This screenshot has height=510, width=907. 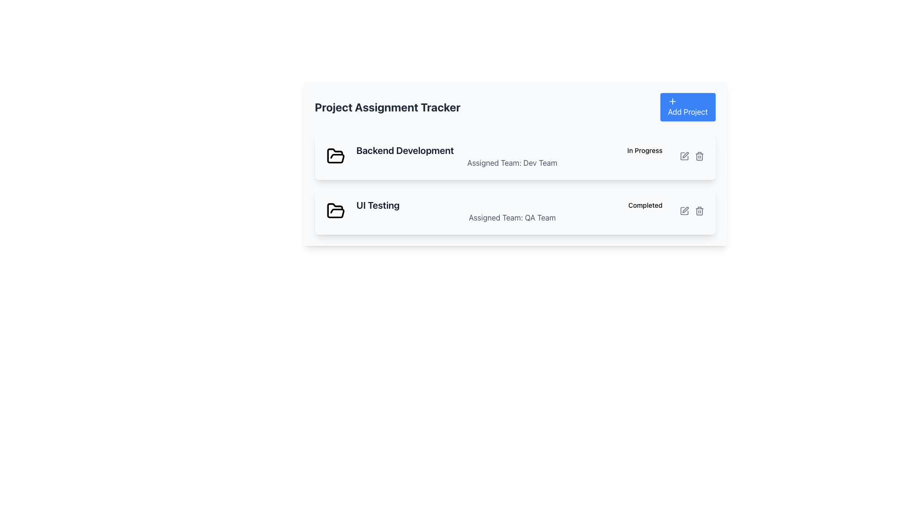 What do you see at coordinates (512, 211) in the screenshot?
I see `text content of the second item in the 'Project Assignment Tracker' section, which displays assignment details including the module title, current status, and responsible team` at bounding box center [512, 211].